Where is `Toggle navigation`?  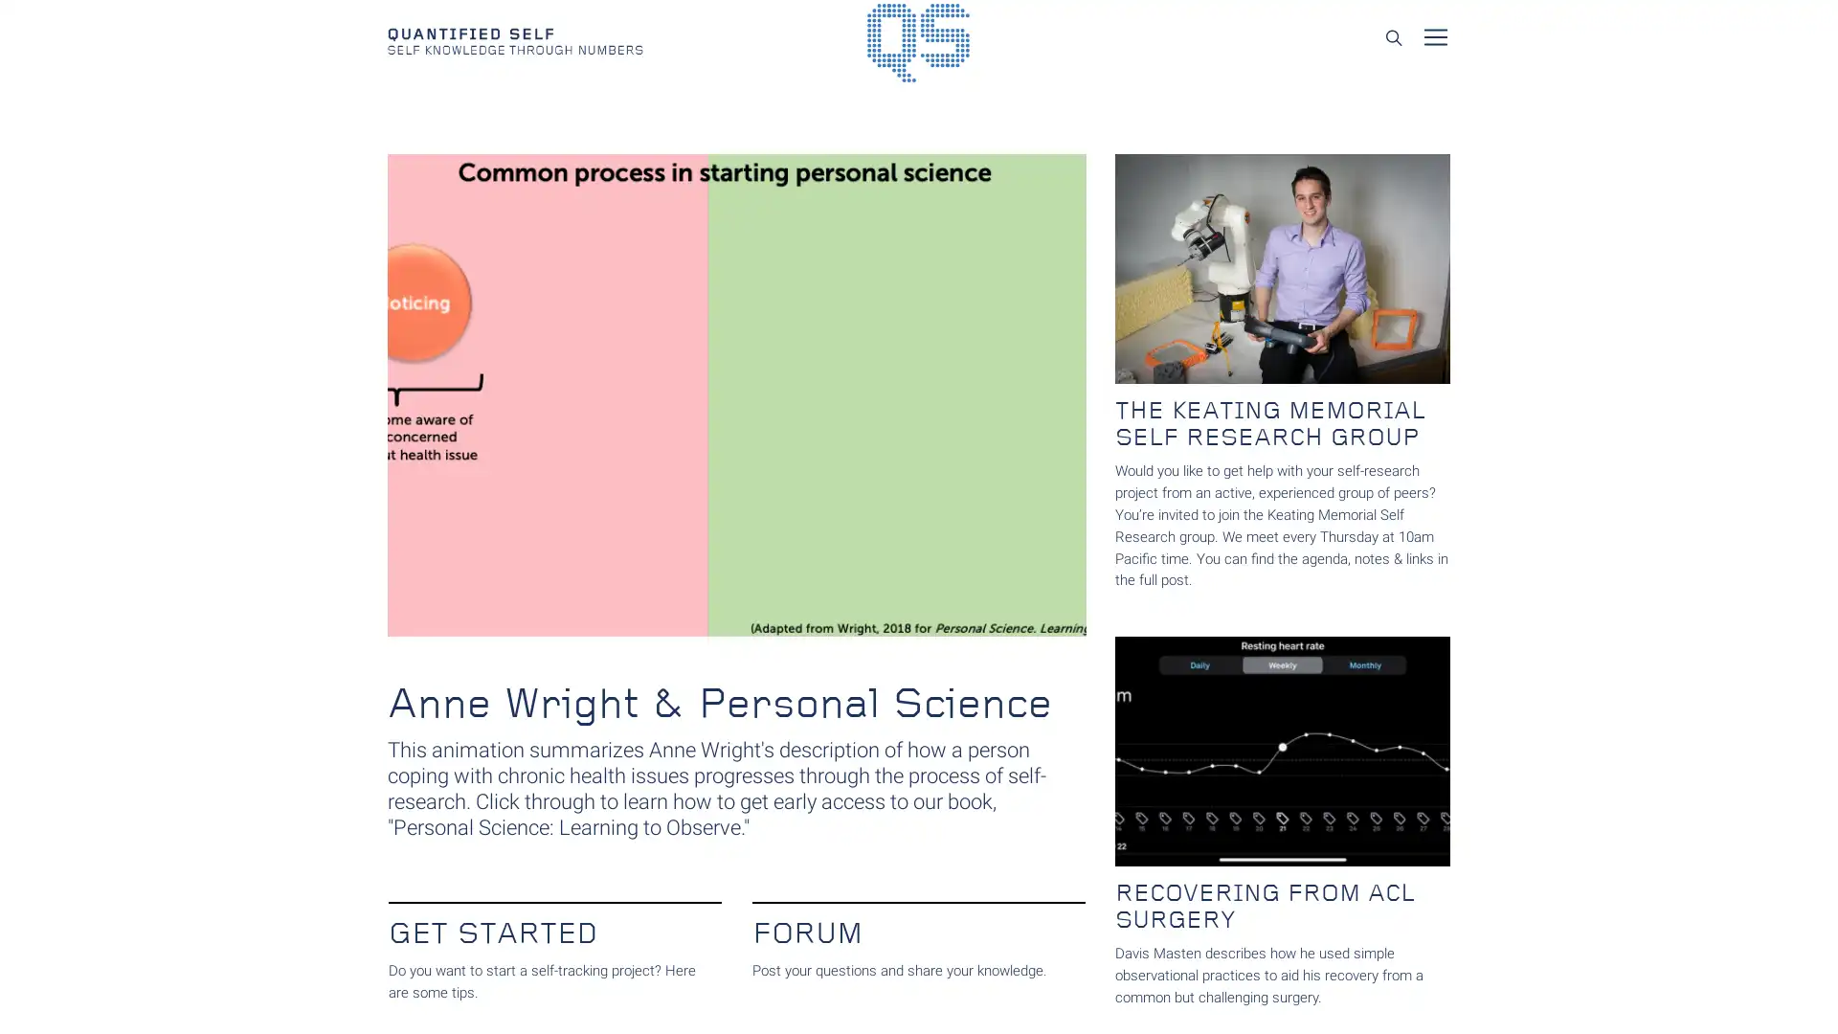
Toggle navigation is located at coordinates (1435, 36).